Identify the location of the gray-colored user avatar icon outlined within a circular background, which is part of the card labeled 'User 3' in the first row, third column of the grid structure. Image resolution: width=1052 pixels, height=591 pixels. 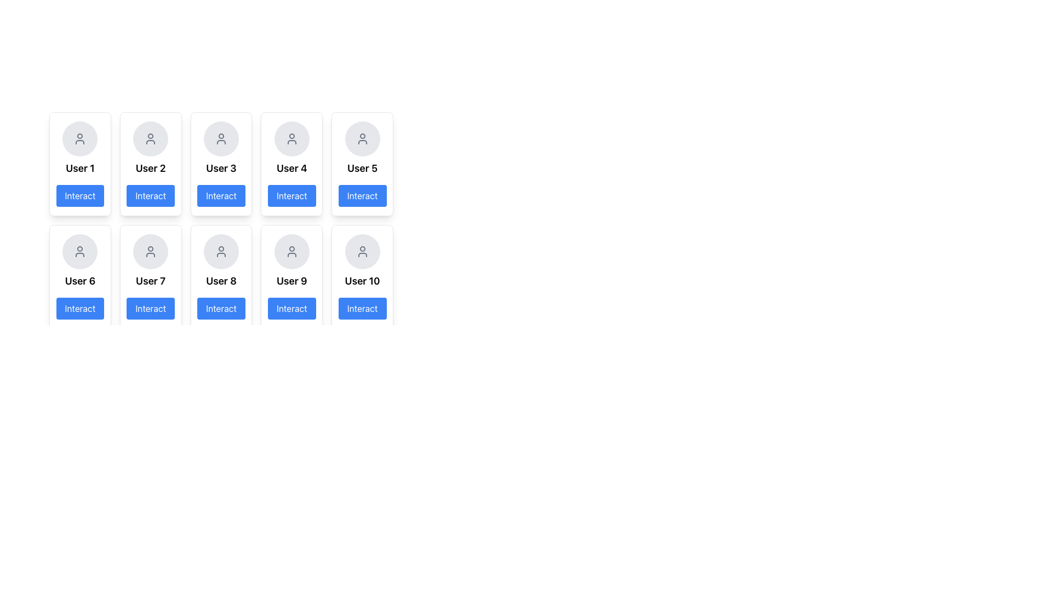
(220, 138).